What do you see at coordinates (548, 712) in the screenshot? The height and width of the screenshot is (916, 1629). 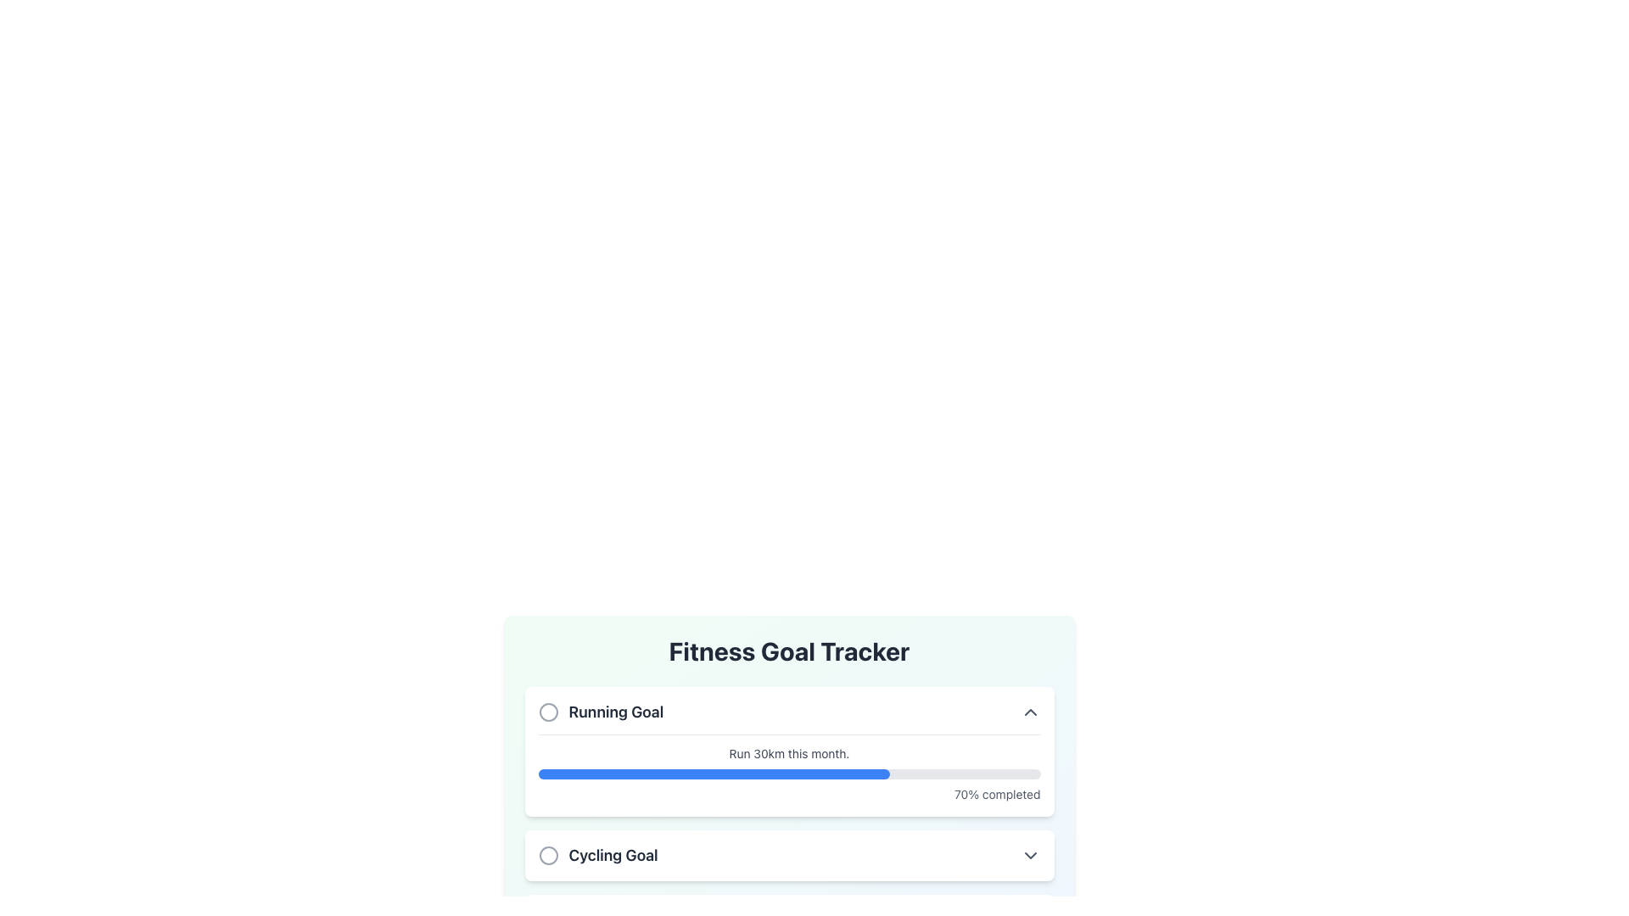 I see `the decorative icon located at the top-left corner of the 'Running Goal' card that visually represents the goal's category` at bounding box center [548, 712].